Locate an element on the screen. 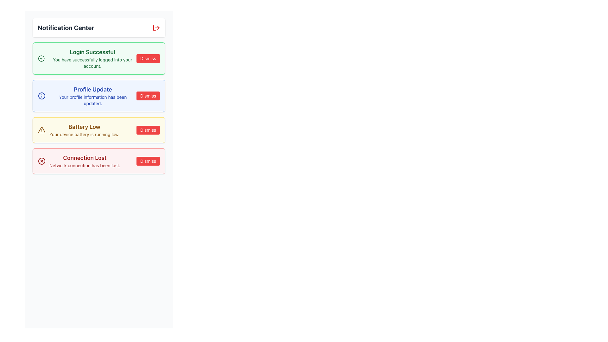 The image size is (608, 342). the network connectivity notification block, which is the last notification in the list and provides an option to dismiss the notification is located at coordinates (98, 161).